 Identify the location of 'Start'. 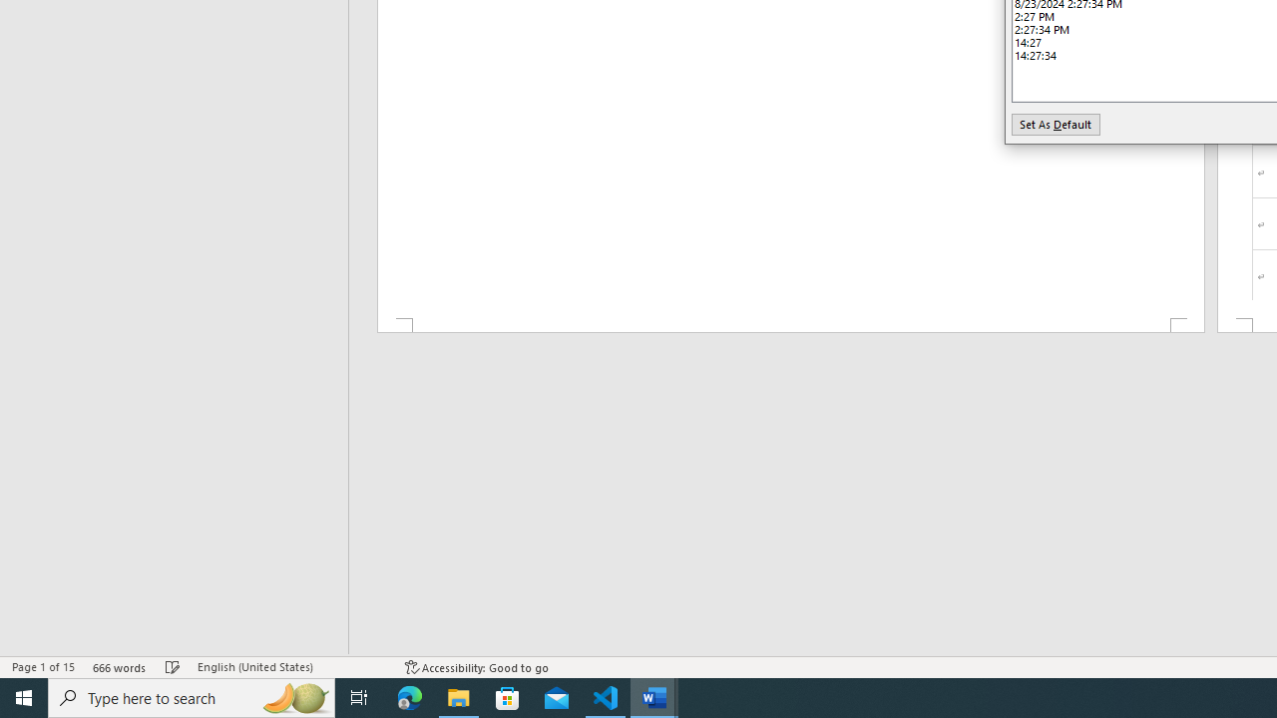
(24, 696).